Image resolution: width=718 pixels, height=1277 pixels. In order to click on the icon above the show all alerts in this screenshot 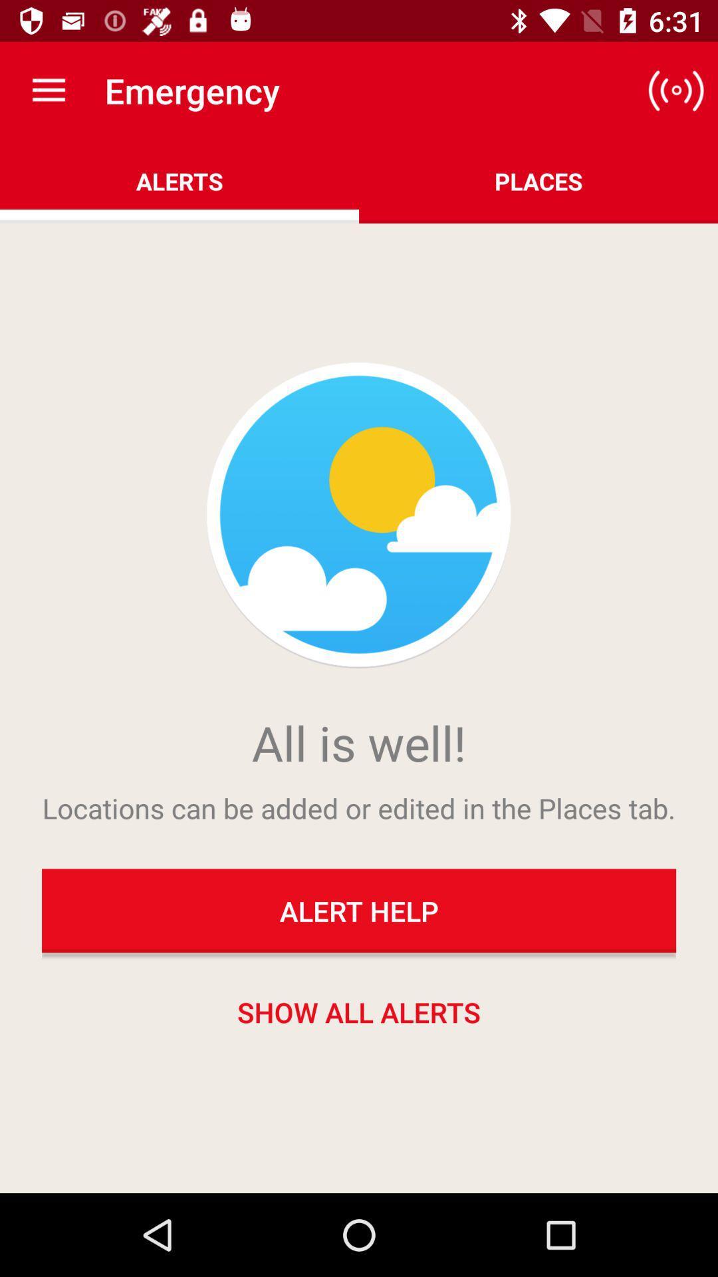, I will do `click(359, 910)`.